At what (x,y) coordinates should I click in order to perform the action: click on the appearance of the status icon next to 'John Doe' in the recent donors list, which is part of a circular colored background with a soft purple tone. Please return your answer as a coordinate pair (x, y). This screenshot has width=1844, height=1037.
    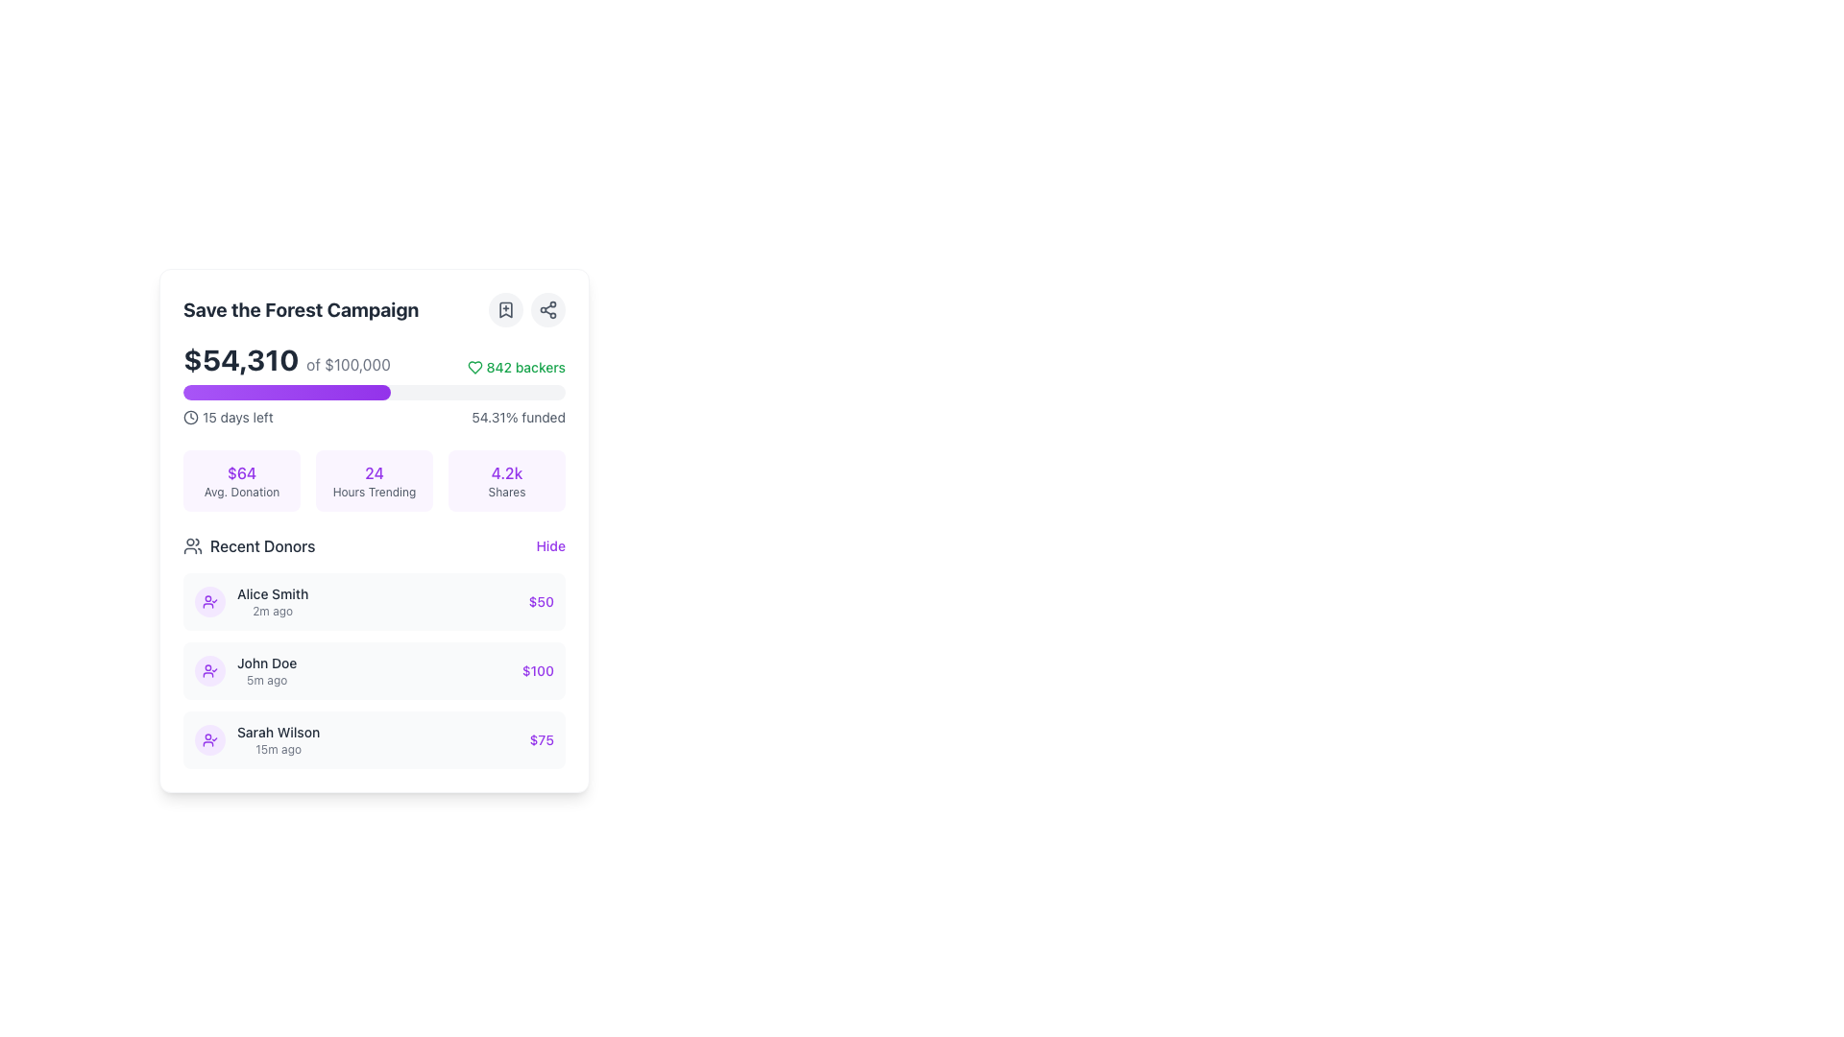
    Looking at the image, I should click on (210, 601).